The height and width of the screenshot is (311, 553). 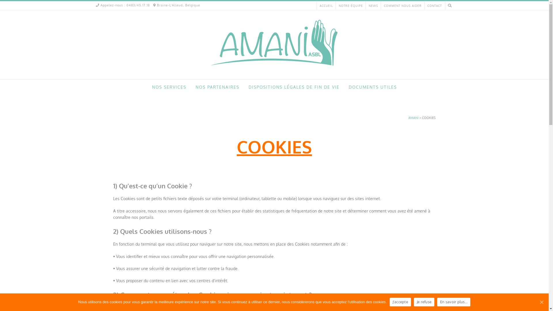 What do you see at coordinates (413, 117) in the screenshot?
I see `'AMANI'` at bounding box center [413, 117].